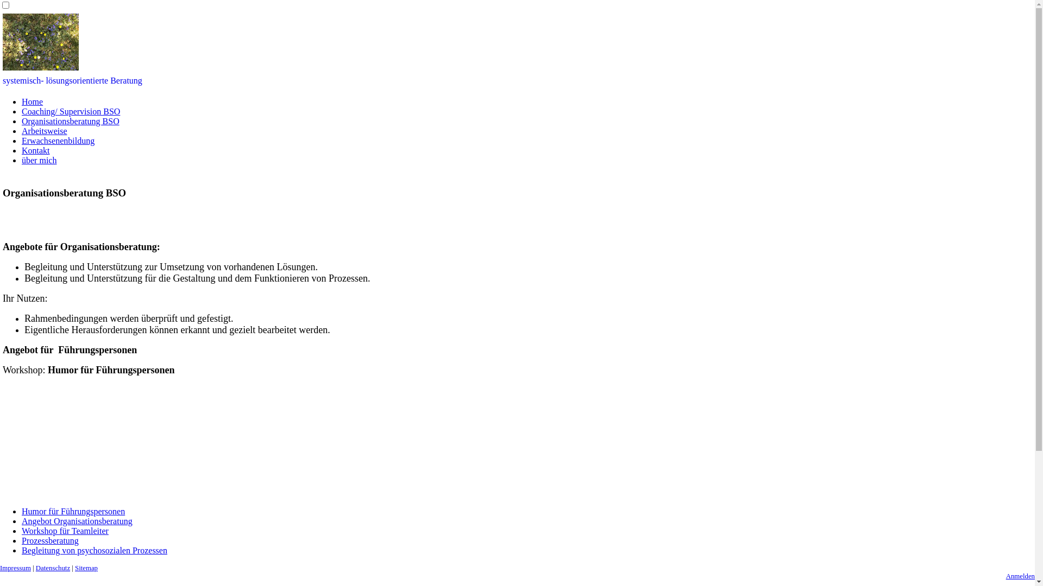 The width and height of the screenshot is (1043, 586). Describe the element at coordinates (57, 140) in the screenshot. I see `'Erwachsenenbildung'` at that location.